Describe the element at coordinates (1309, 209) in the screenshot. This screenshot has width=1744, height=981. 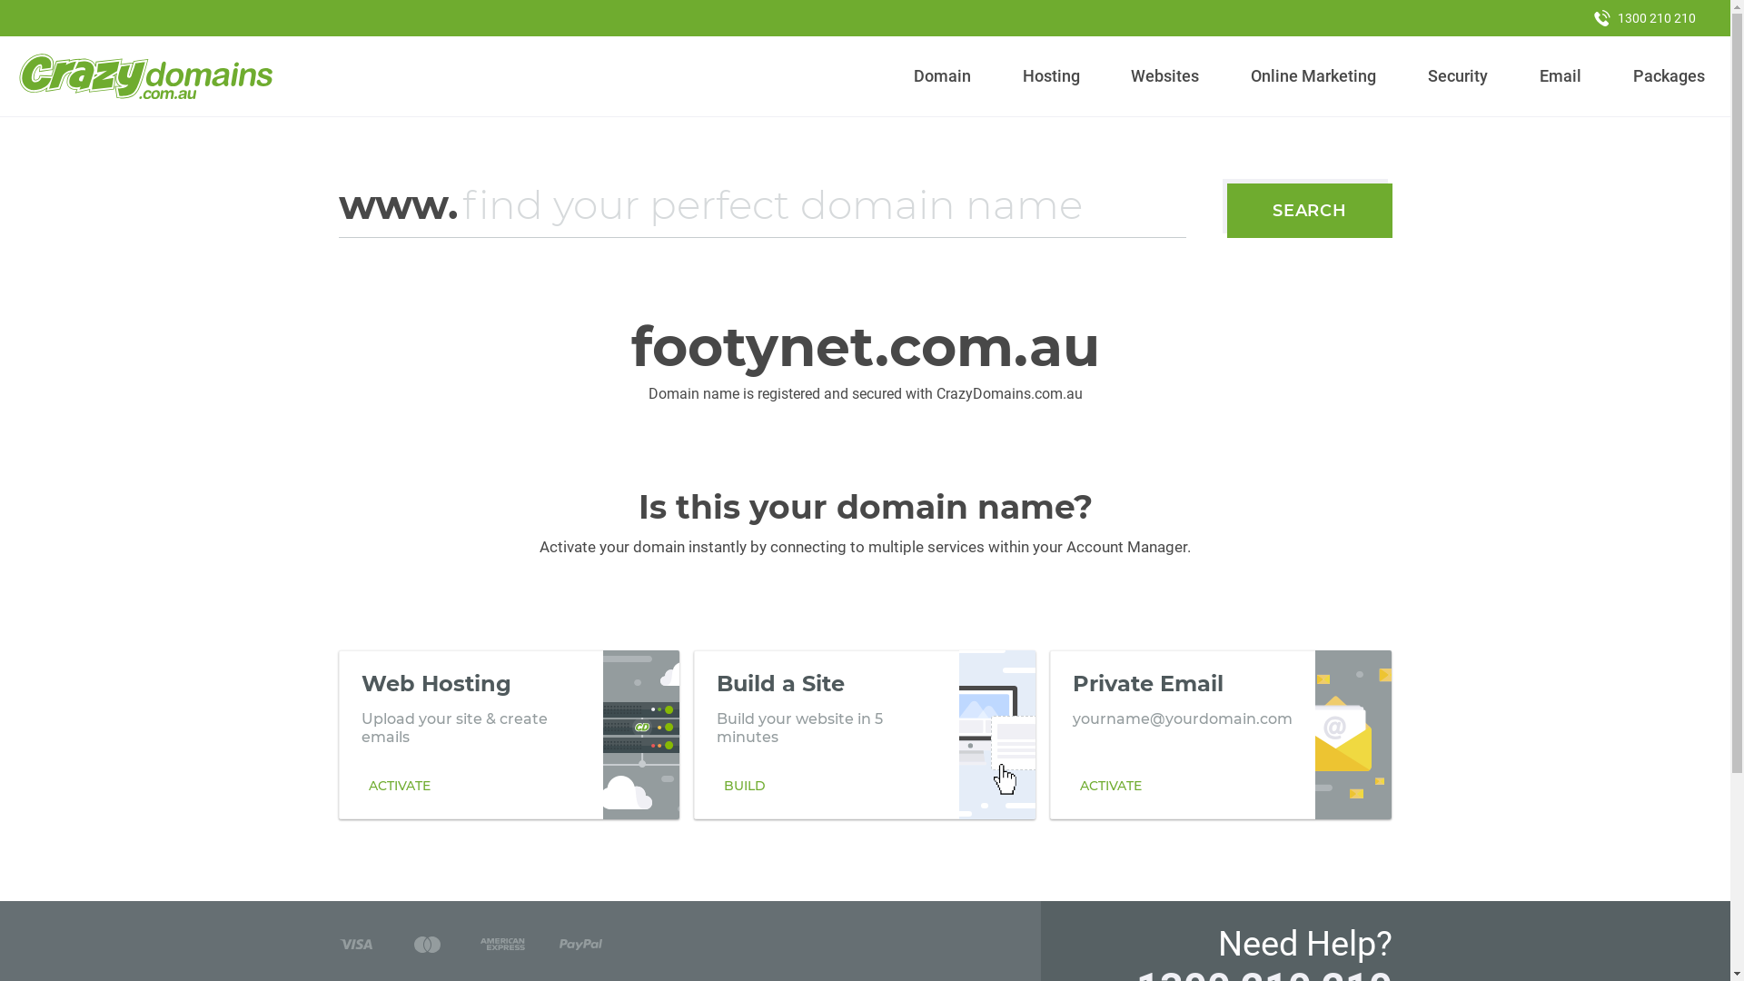
I see `'SEARCH'` at that location.